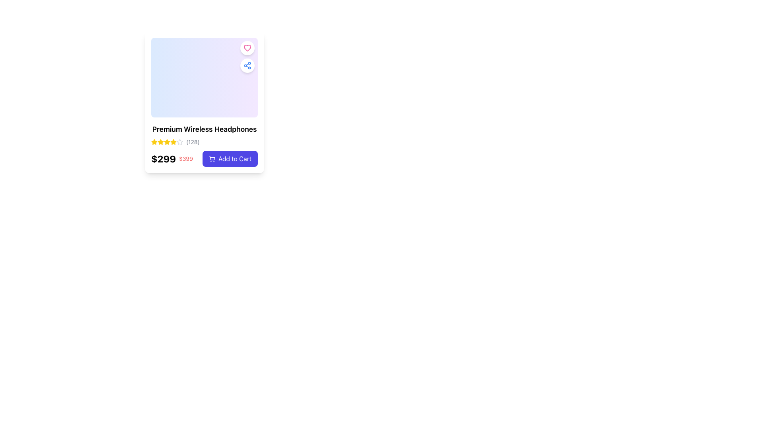  I want to click on the third yellow-colored star icon in the rating system located below the product title 'Premium Wireless Headphones' and above the price '$299', so click(160, 142).